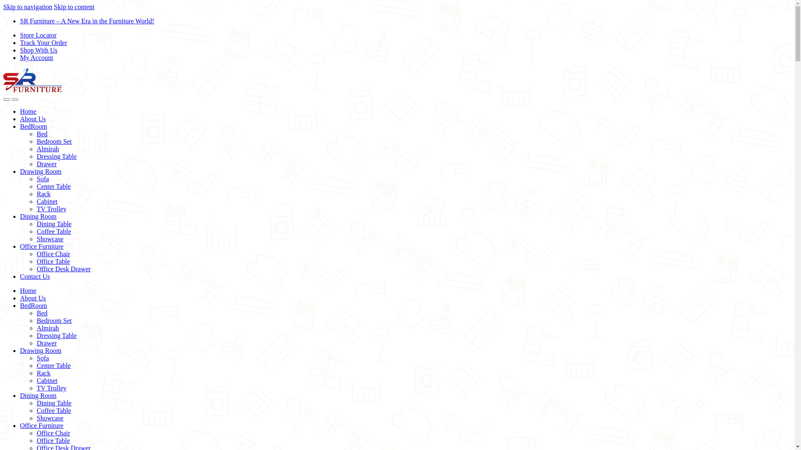 The height and width of the screenshot is (450, 801). What do you see at coordinates (46, 343) in the screenshot?
I see `'Drawer'` at bounding box center [46, 343].